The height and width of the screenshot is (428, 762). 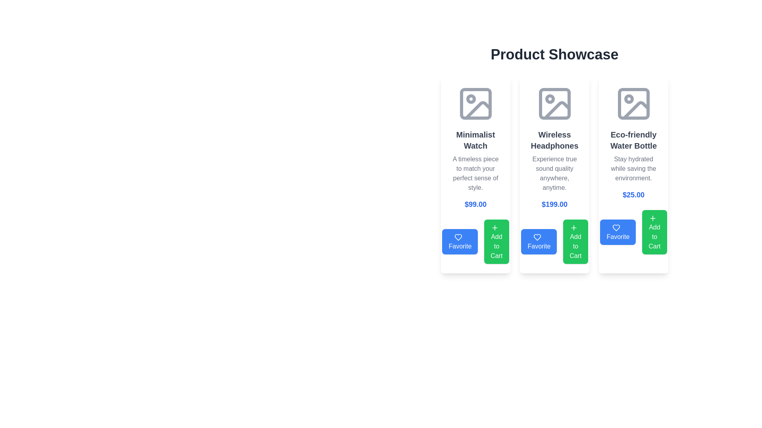 I want to click on the 'Wireless Headphones' product card, so click(x=554, y=174).